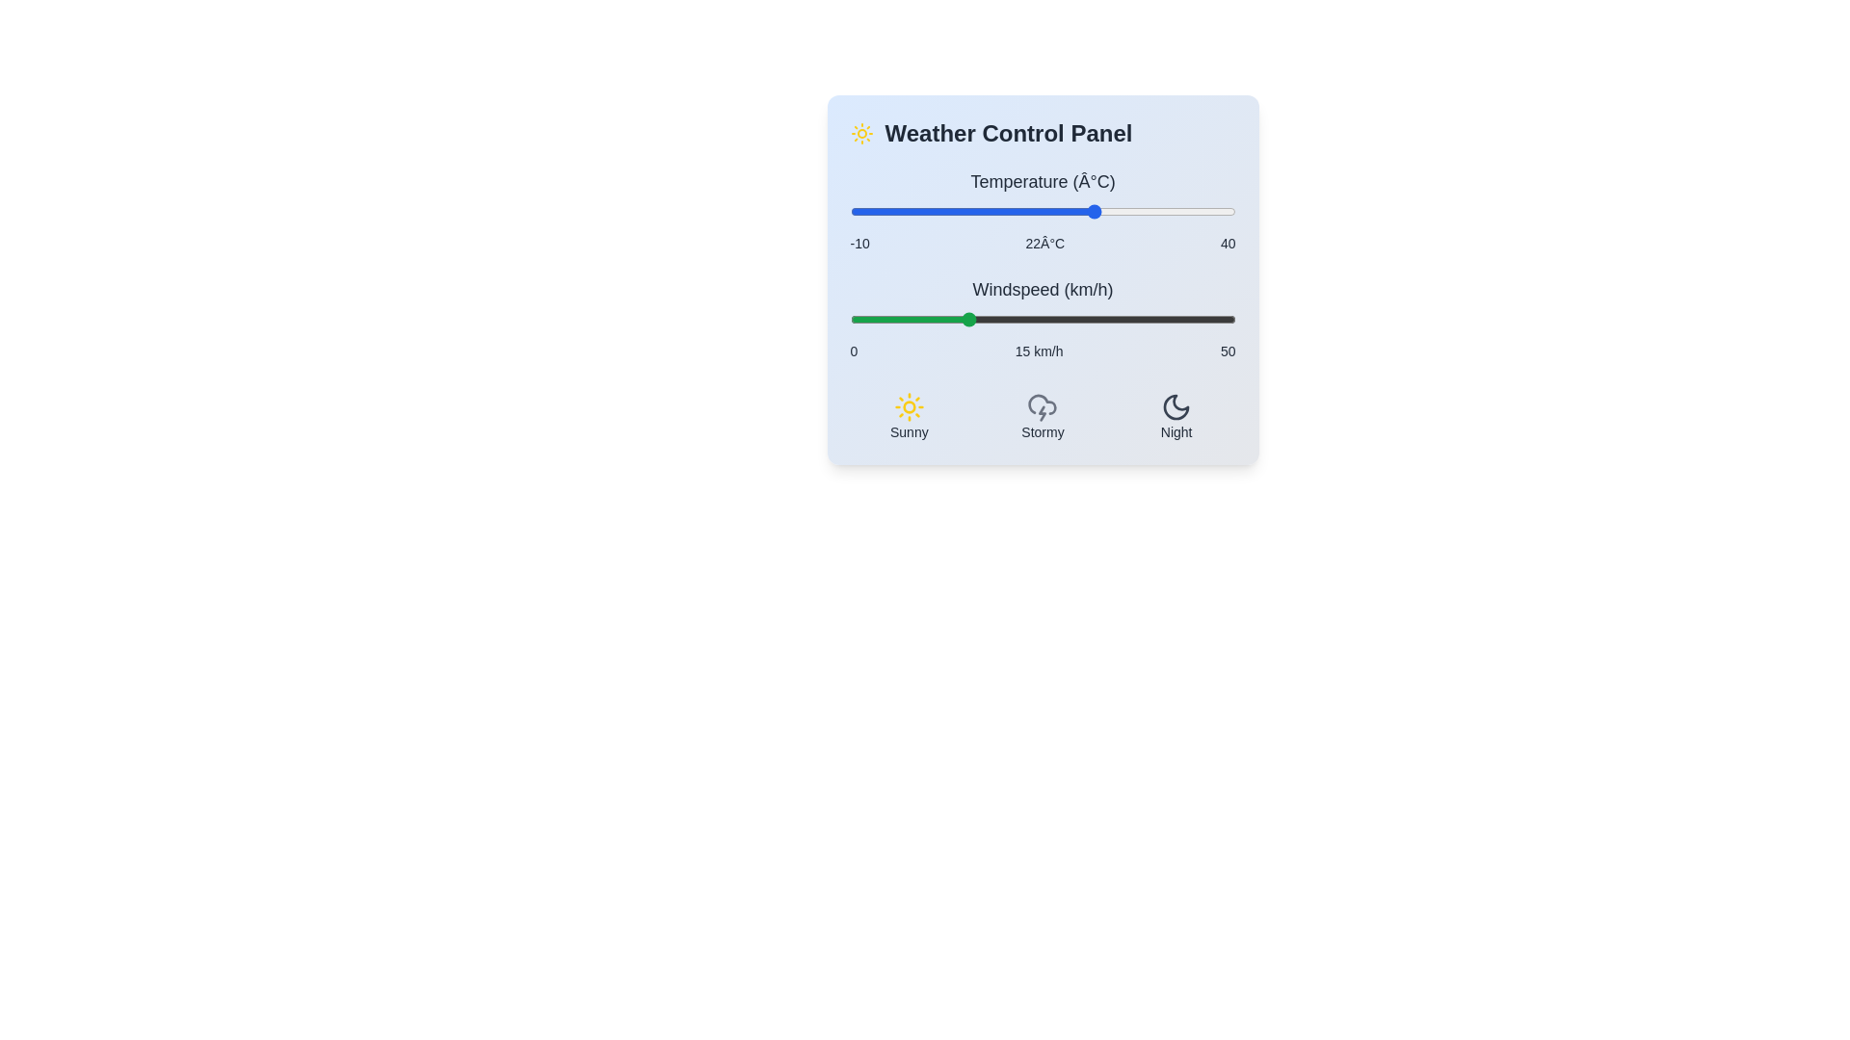 This screenshot has height=1040, width=1850. I want to click on numeric labels for the Temperature (°C) slider values, which are centrally positioned and highlighted, indicating the current value ('22°C') between the minimum ('-10') and maximum ('40') values, so click(1042, 243).